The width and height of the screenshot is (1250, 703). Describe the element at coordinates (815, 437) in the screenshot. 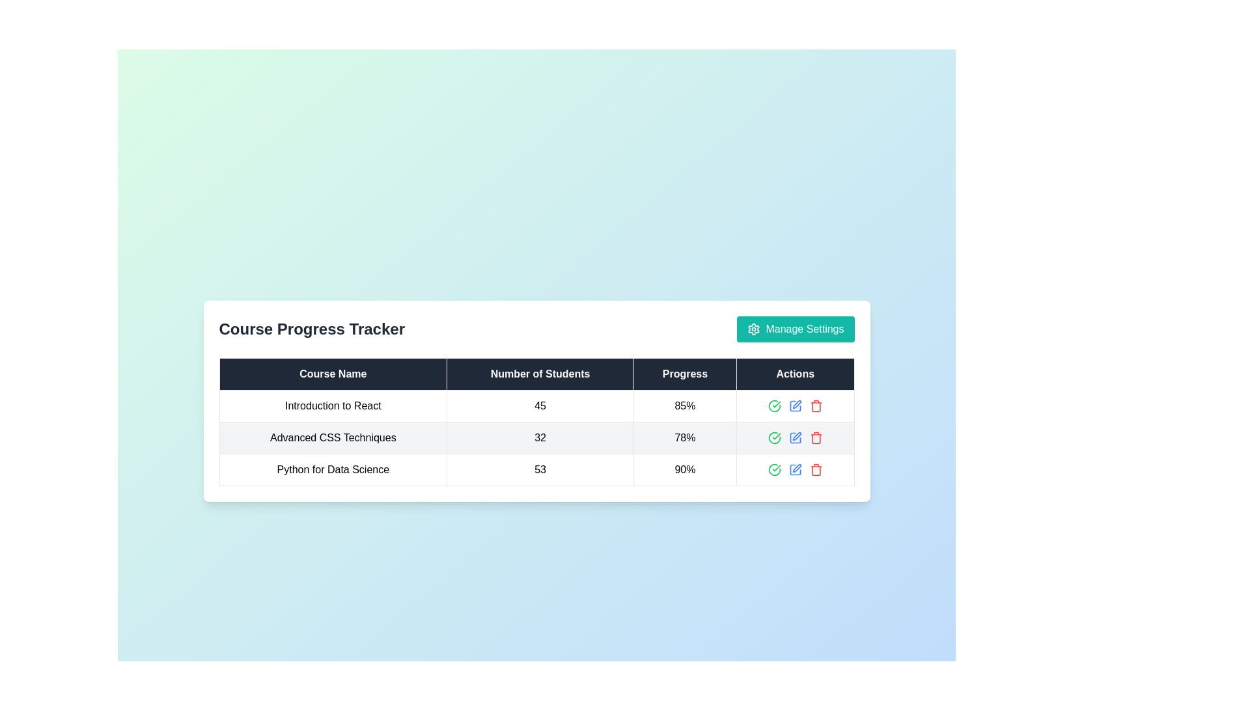

I see `the delete button located in the action buttons of the second row of the table` at that location.